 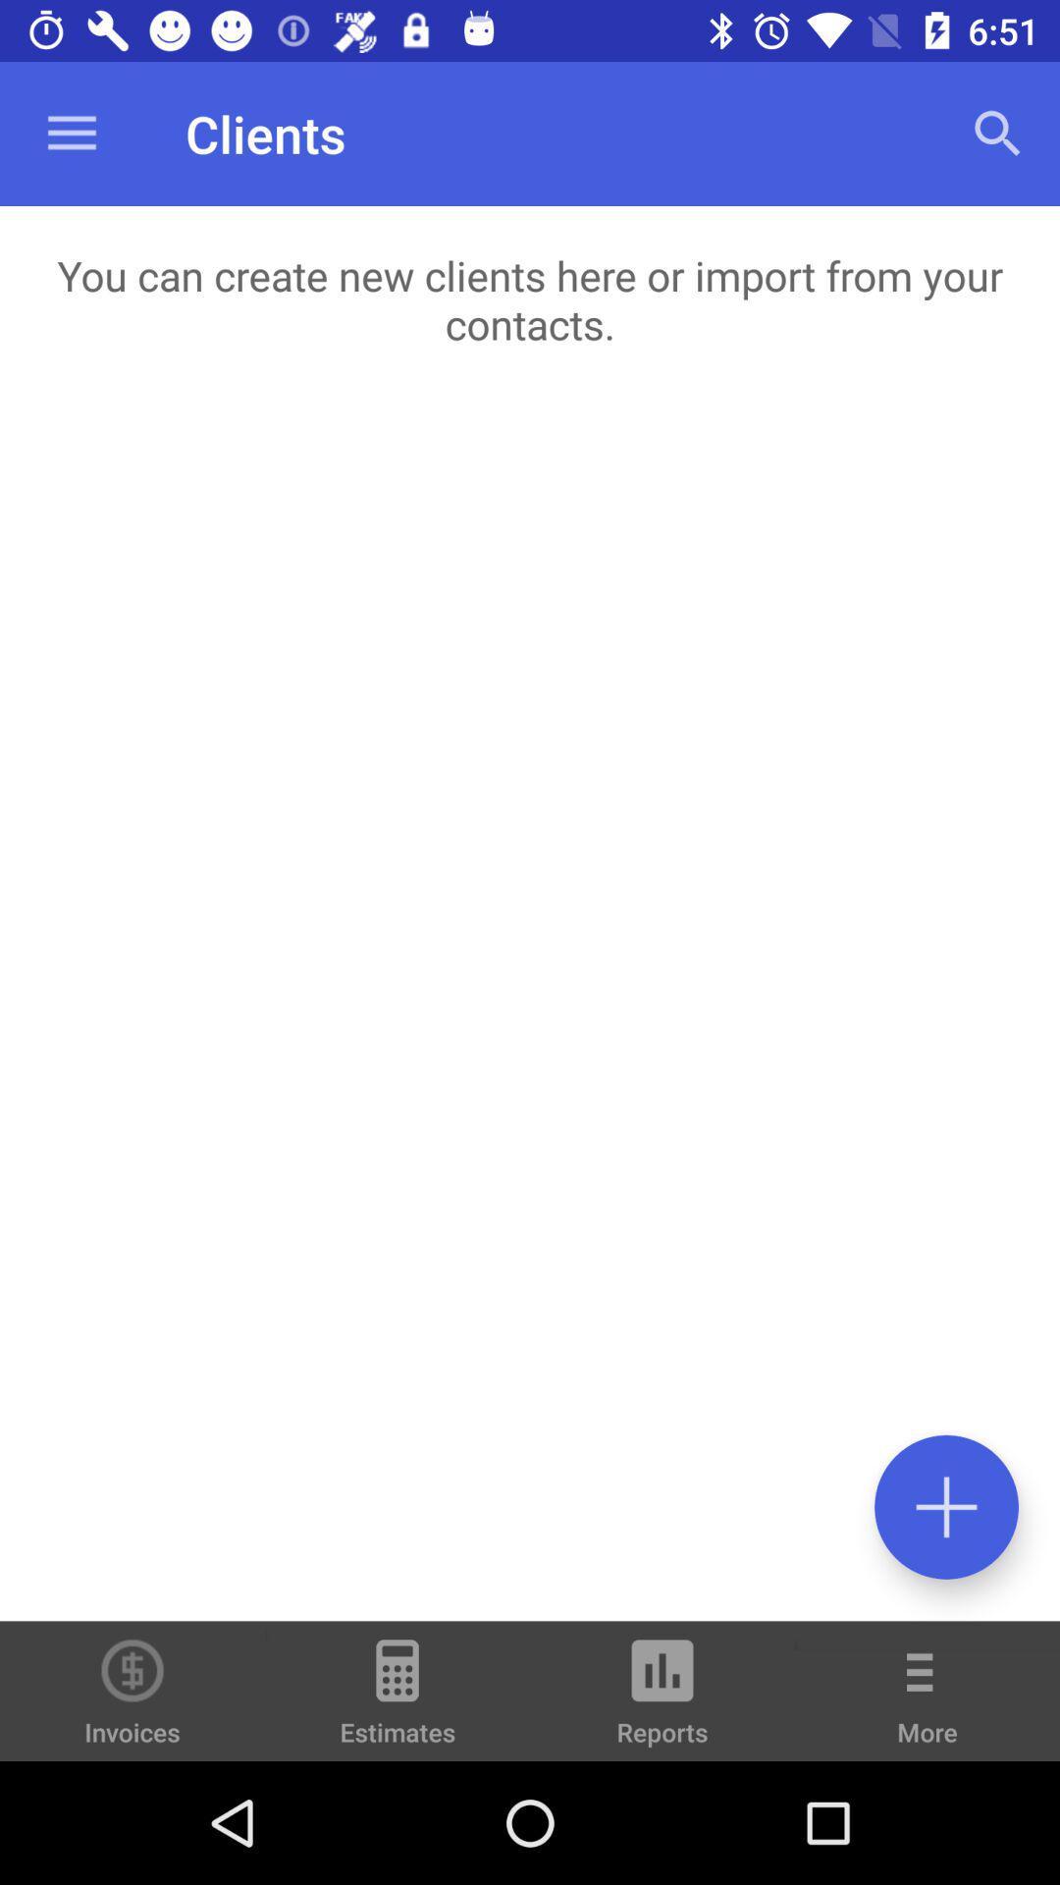 I want to click on the item below you can create, so click(x=530, y=1006).